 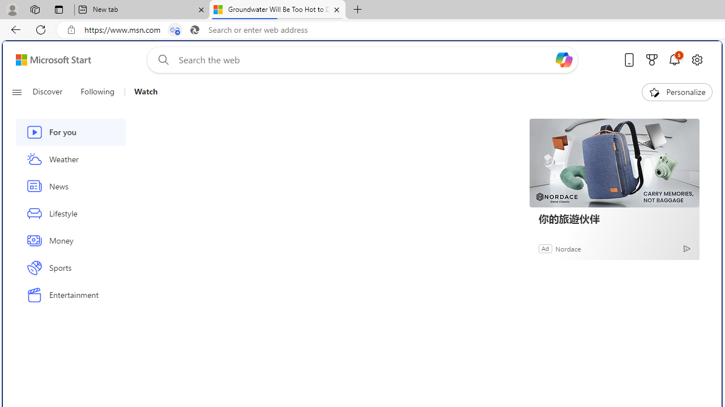 I want to click on 'Following', so click(x=97, y=92).